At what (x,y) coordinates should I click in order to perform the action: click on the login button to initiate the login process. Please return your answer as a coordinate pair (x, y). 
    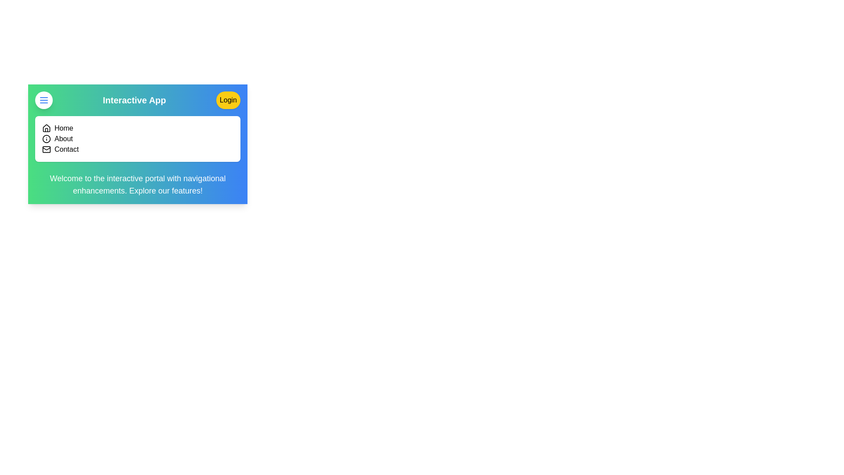
    Looking at the image, I should click on (228, 99).